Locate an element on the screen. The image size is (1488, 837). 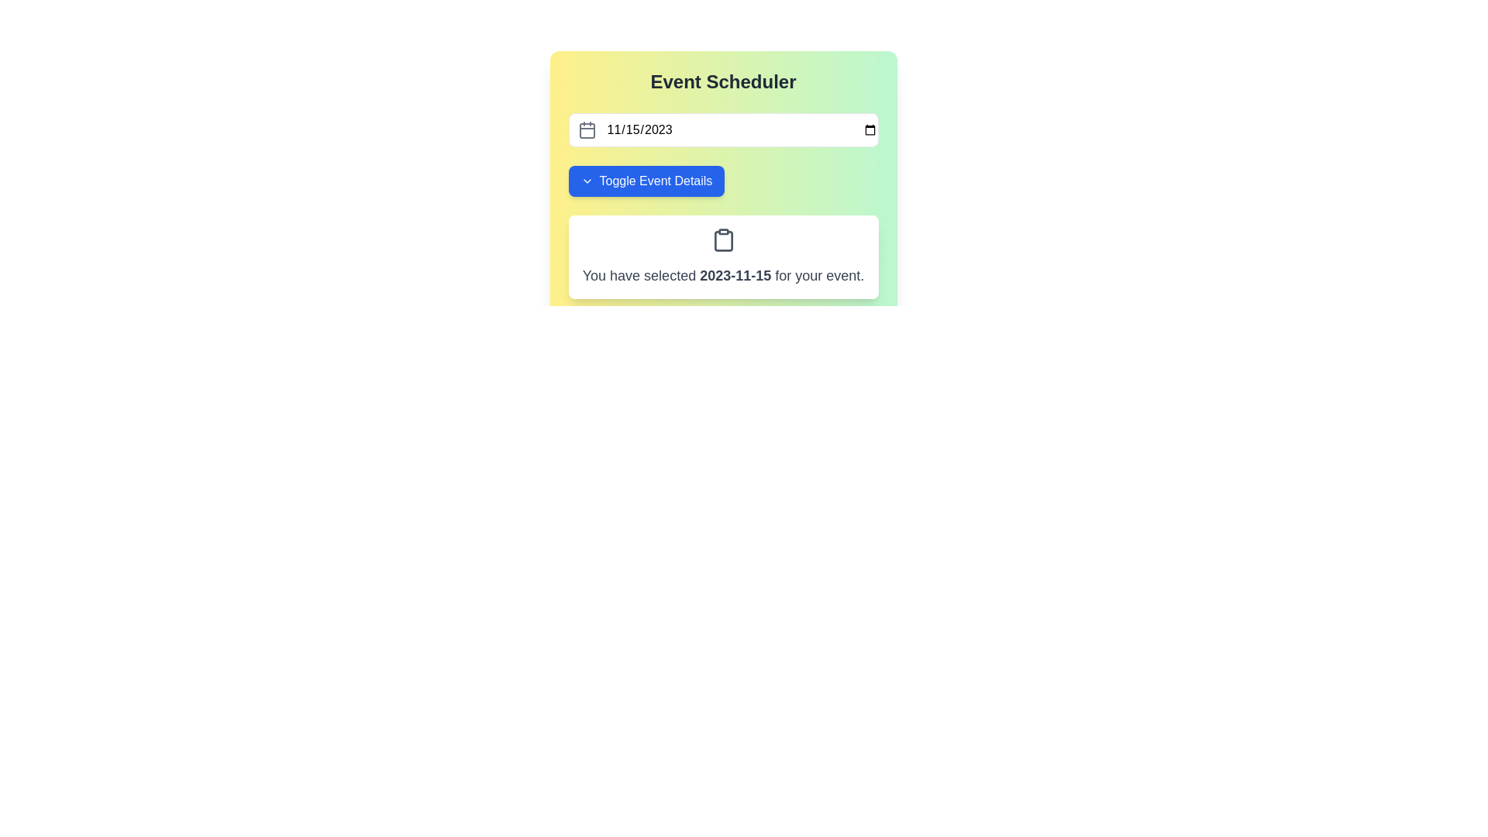
the blue button labeled 'Toggle Event Details' located below the date picker in the 'Event Scheduler' card is located at coordinates (646, 181).